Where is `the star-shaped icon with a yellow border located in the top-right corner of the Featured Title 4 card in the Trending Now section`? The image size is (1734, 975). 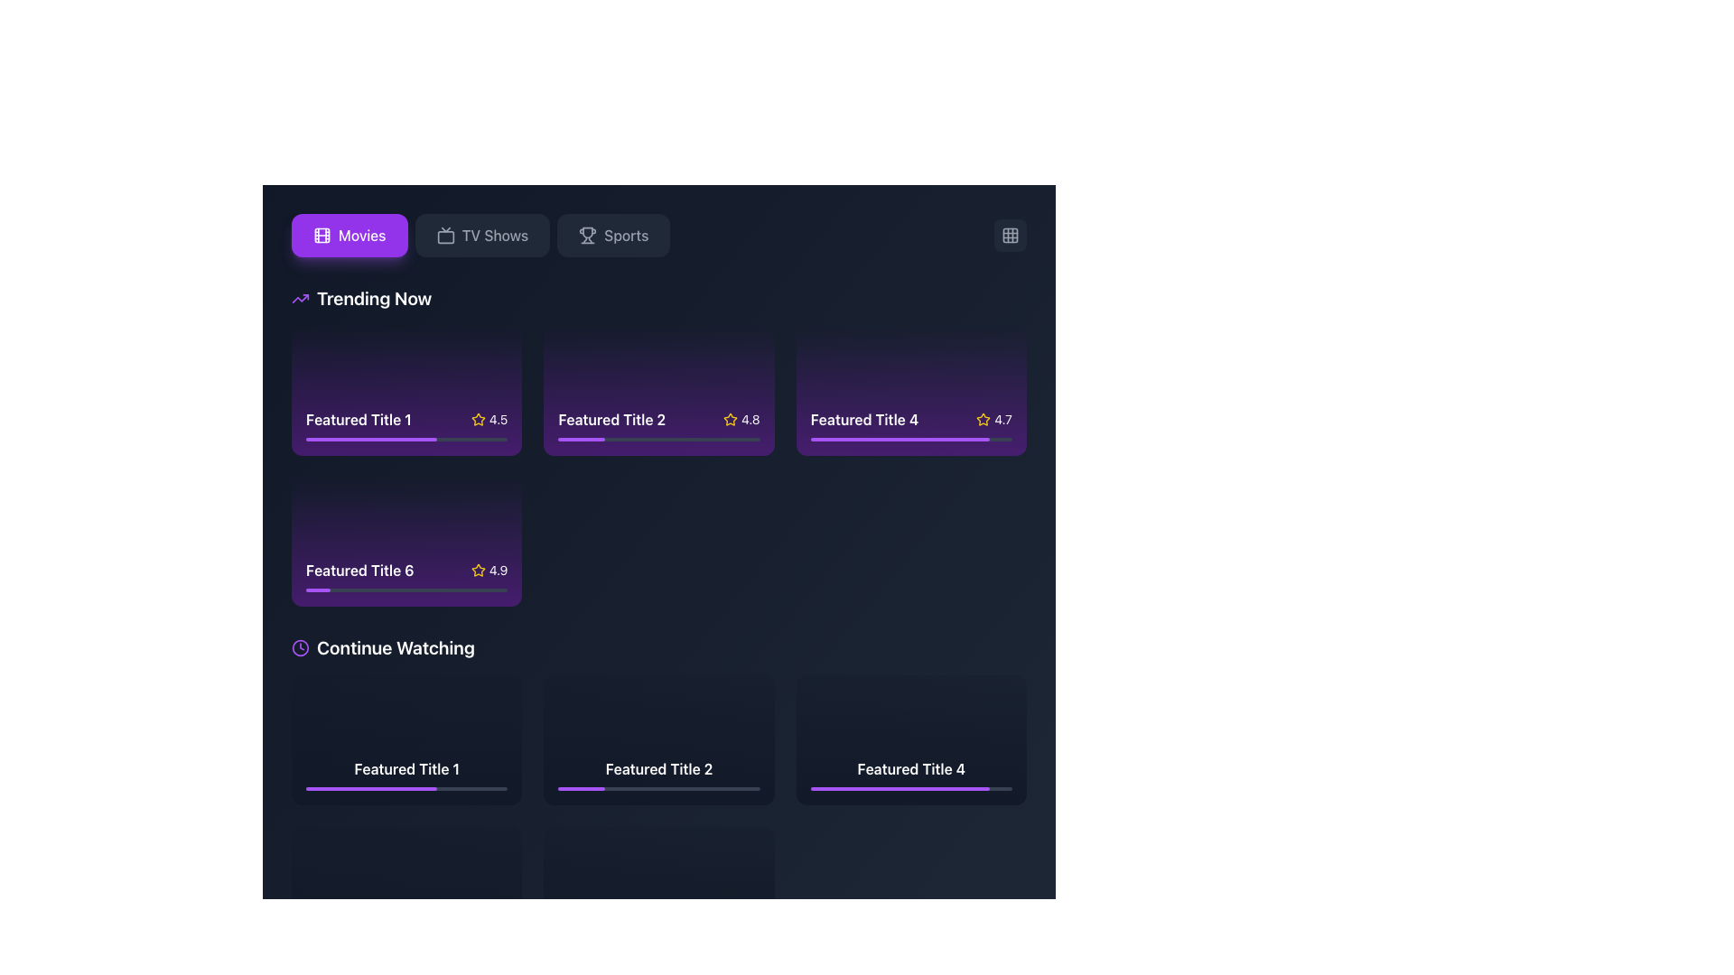 the star-shaped icon with a yellow border located in the top-right corner of the Featured Title 4 card in the Trending Now section is located at coordinates (983, 419).